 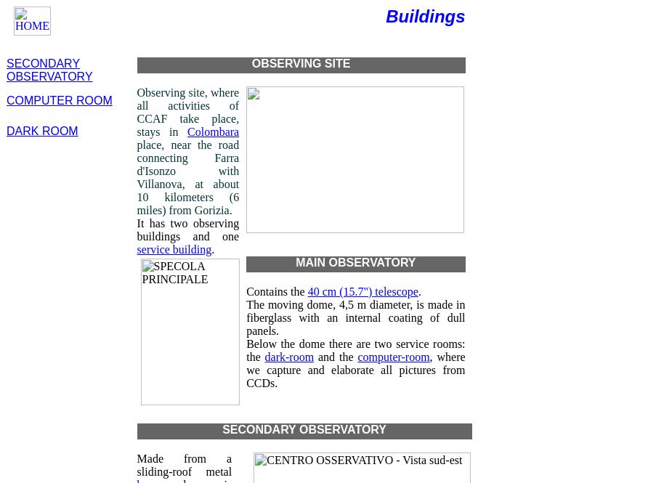 What do you see at coordinates (355, 317) in the screenshot?
I see `'The moving dome, 4,5 m diameter, is made in fiberglass with an internal coating of dull panels.'` at bounding box center [355, 317].